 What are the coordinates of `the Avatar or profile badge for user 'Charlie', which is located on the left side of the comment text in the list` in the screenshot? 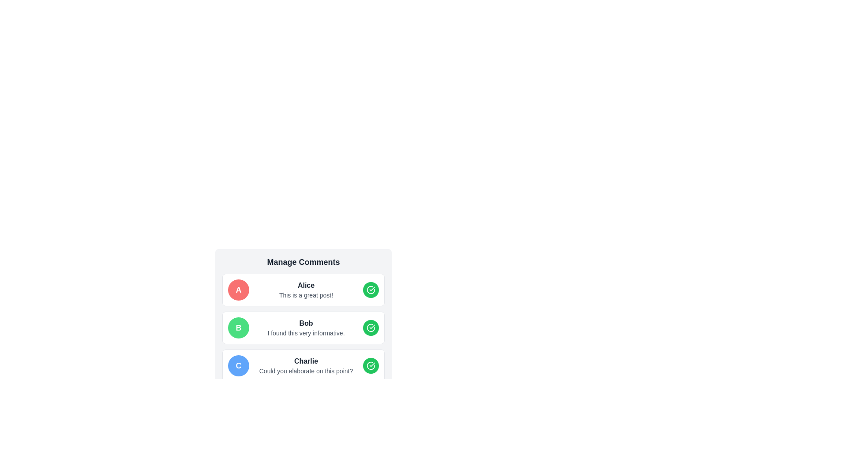 It's located at (239, 365).